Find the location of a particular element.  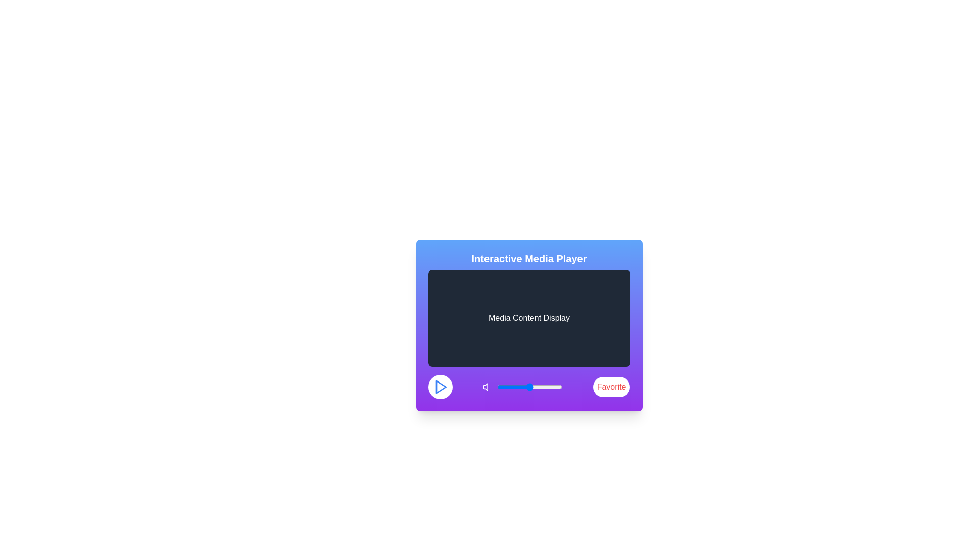

the slider is located at coordinates (519, 387).